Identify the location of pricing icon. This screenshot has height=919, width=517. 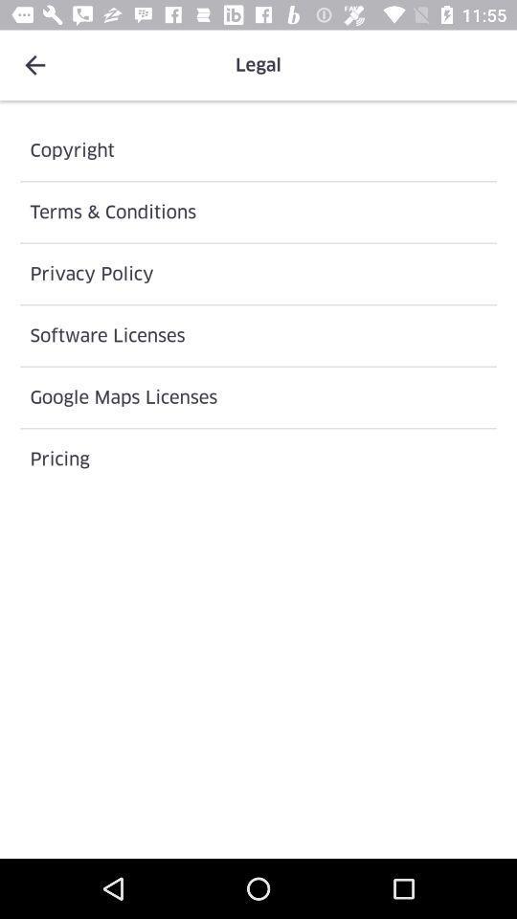
(258, 459).